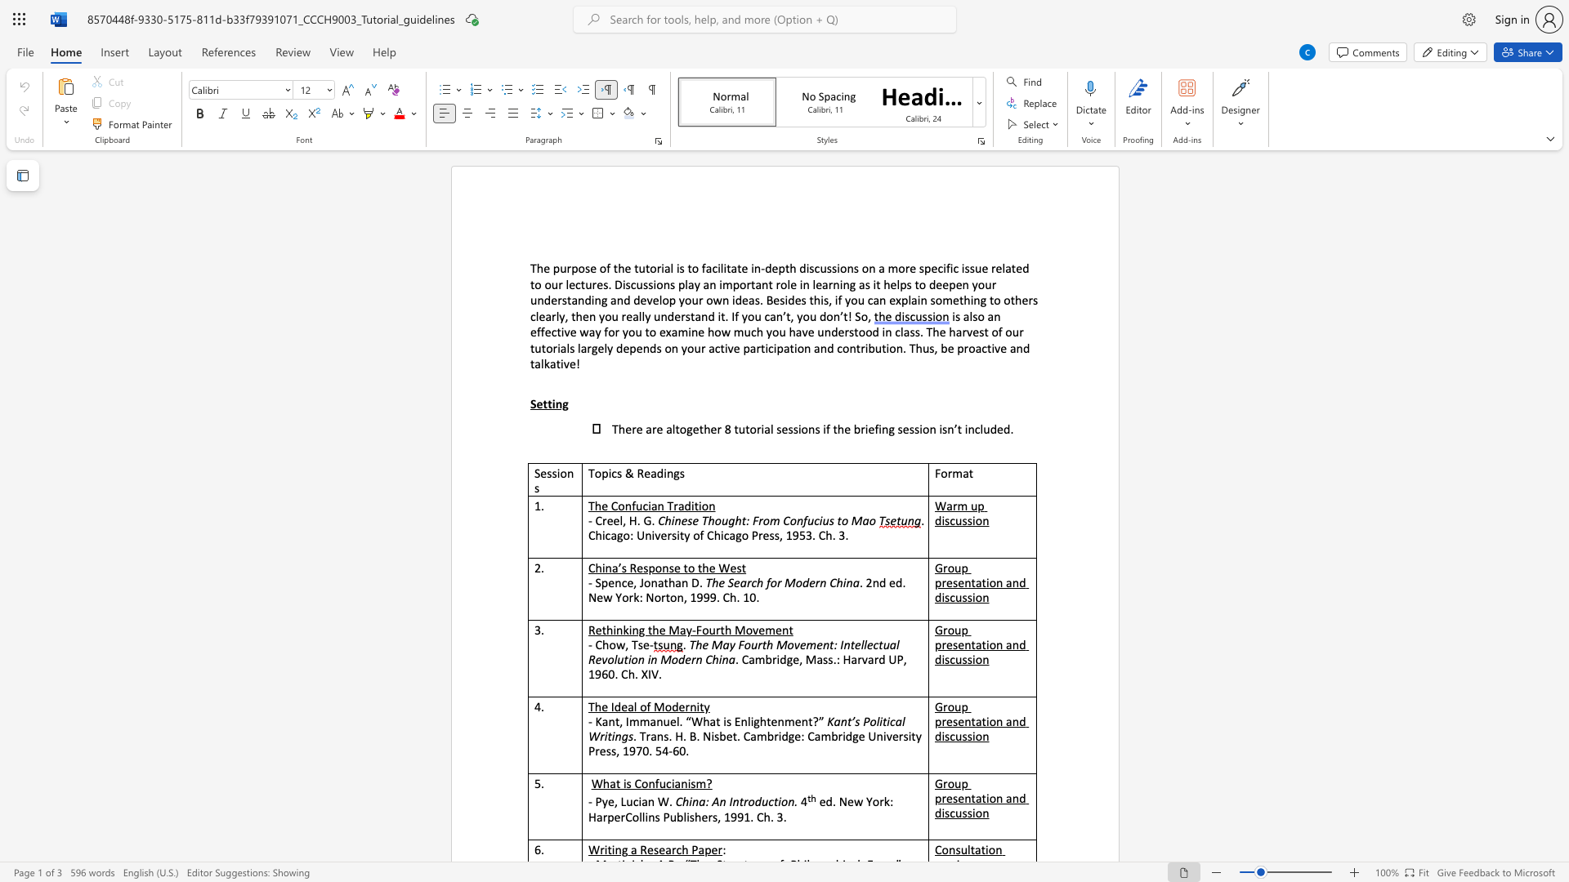 This screenshot has height=882, width=1569. Describe the element at coordinates (722, 267) in the screenshot. I see `the subset text "itat" within the text "facilitate"` at that location.